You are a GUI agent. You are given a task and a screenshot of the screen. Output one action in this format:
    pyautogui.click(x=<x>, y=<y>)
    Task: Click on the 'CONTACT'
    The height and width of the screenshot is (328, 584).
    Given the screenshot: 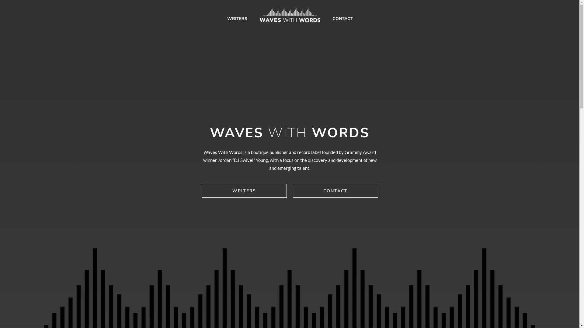 What is the action you would take?
    pyautogui.click(x=292, y=190)
    